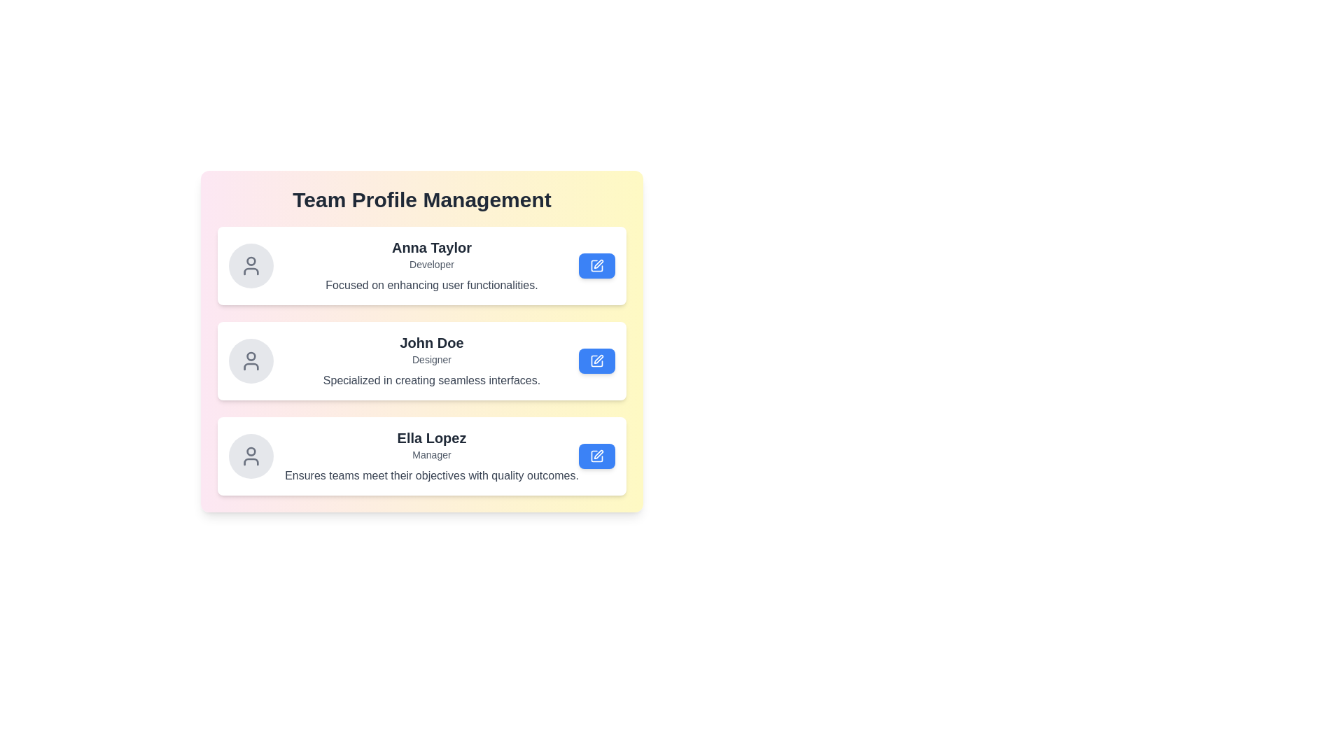  Describe the element at coordinates (421, 266) in the screenshot. I see `the profile card of Anna Taylor to observe the hover effect` at that location.